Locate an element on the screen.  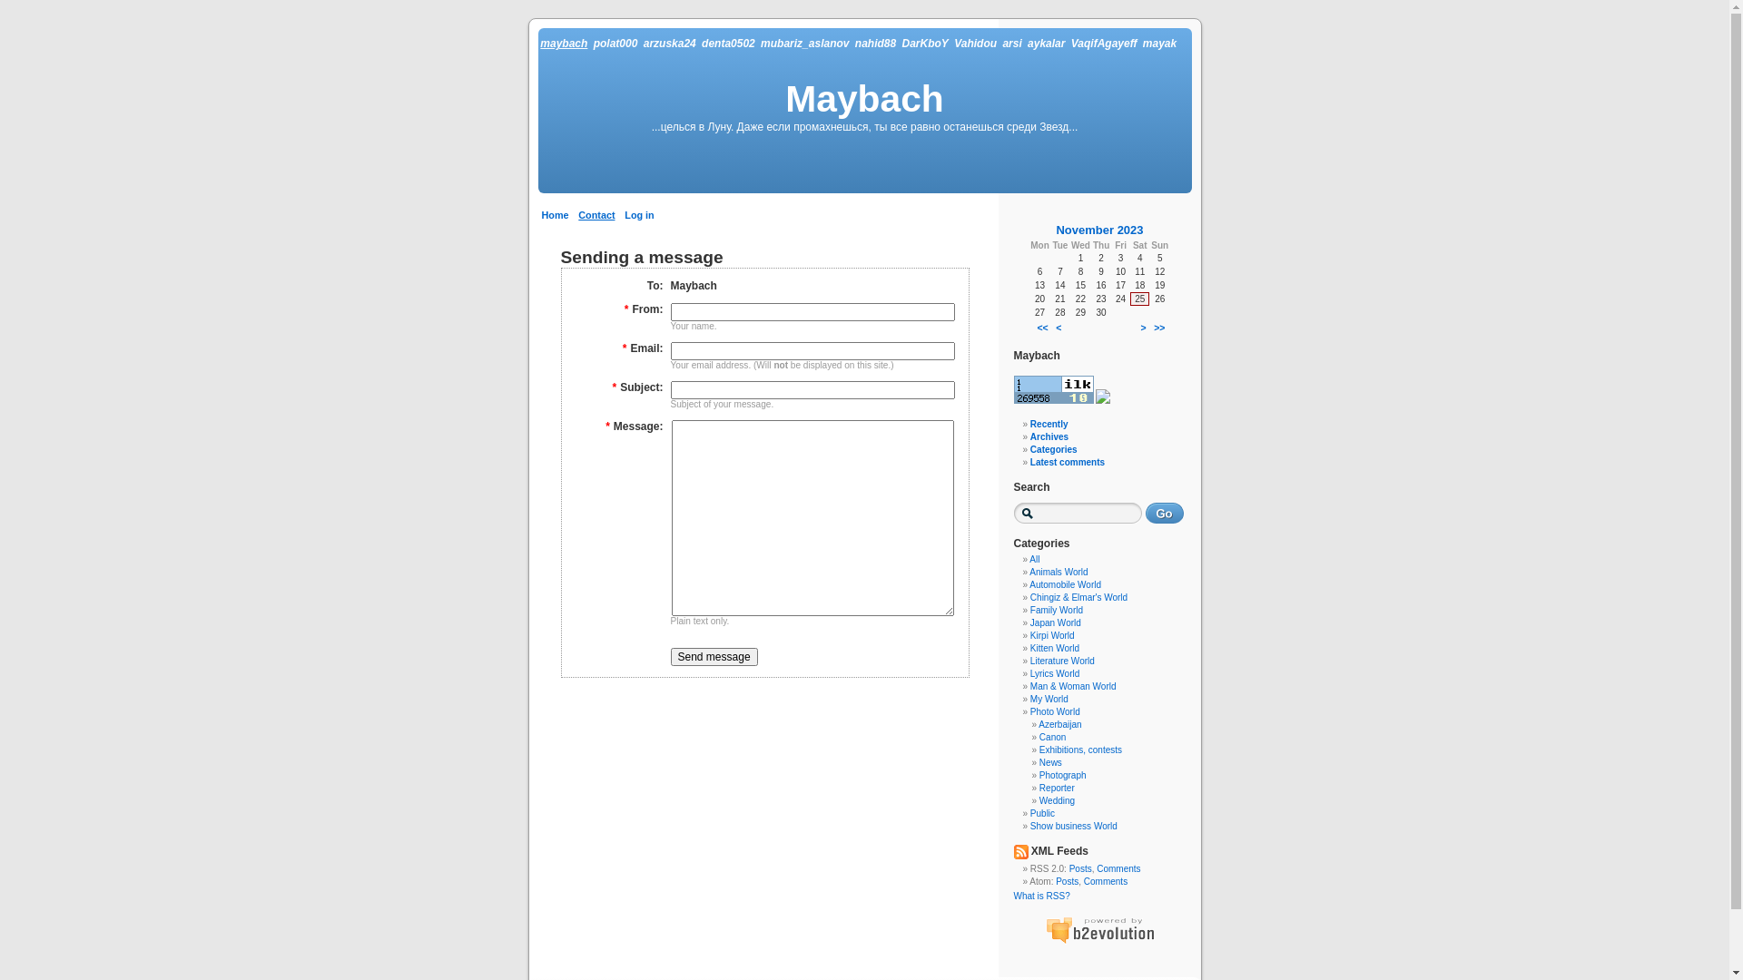
'My World' is located at coordinates (1049, 698).